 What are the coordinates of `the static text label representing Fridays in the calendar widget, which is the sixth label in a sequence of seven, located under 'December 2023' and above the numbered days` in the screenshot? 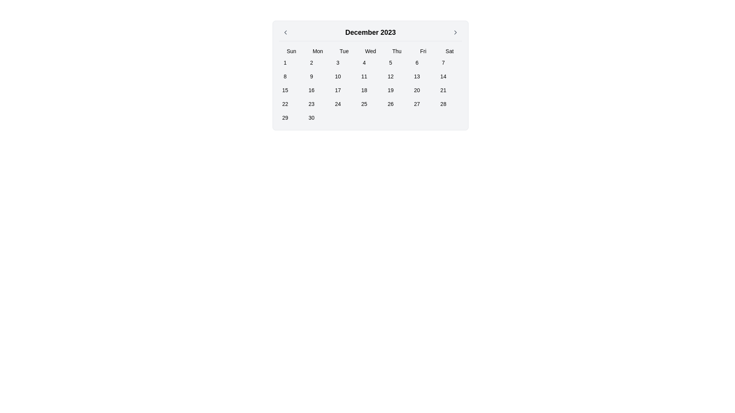 It's located at (423, 51).